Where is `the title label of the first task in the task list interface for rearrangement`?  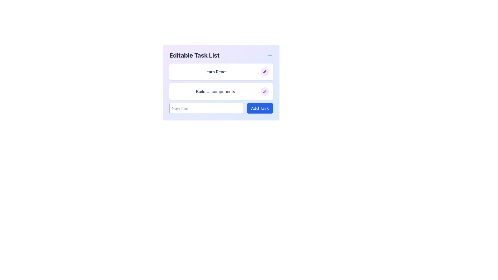
the title label of the first task in the task list interface for rearrangement is located at coordinates (215, 72).